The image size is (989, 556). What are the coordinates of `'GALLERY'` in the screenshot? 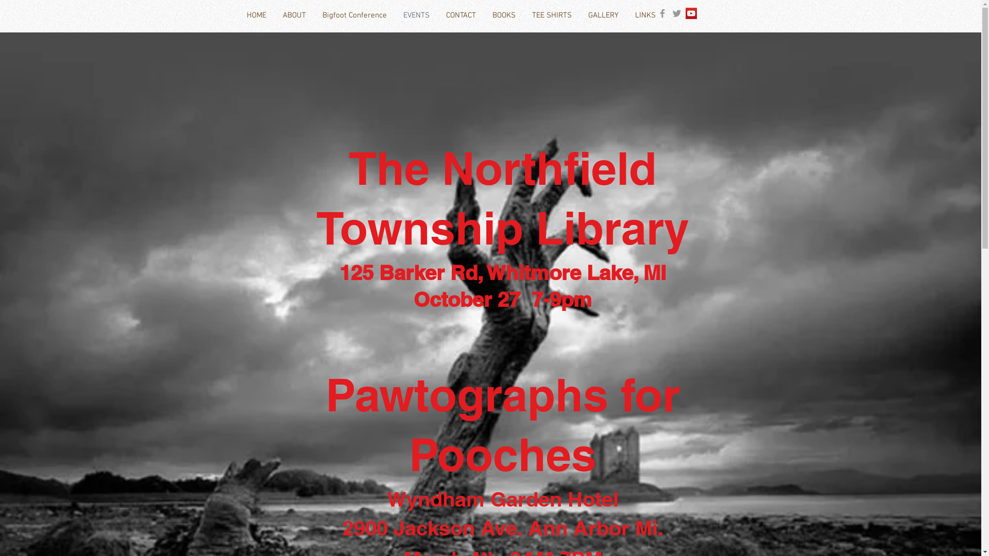 It's located at (580, 15).